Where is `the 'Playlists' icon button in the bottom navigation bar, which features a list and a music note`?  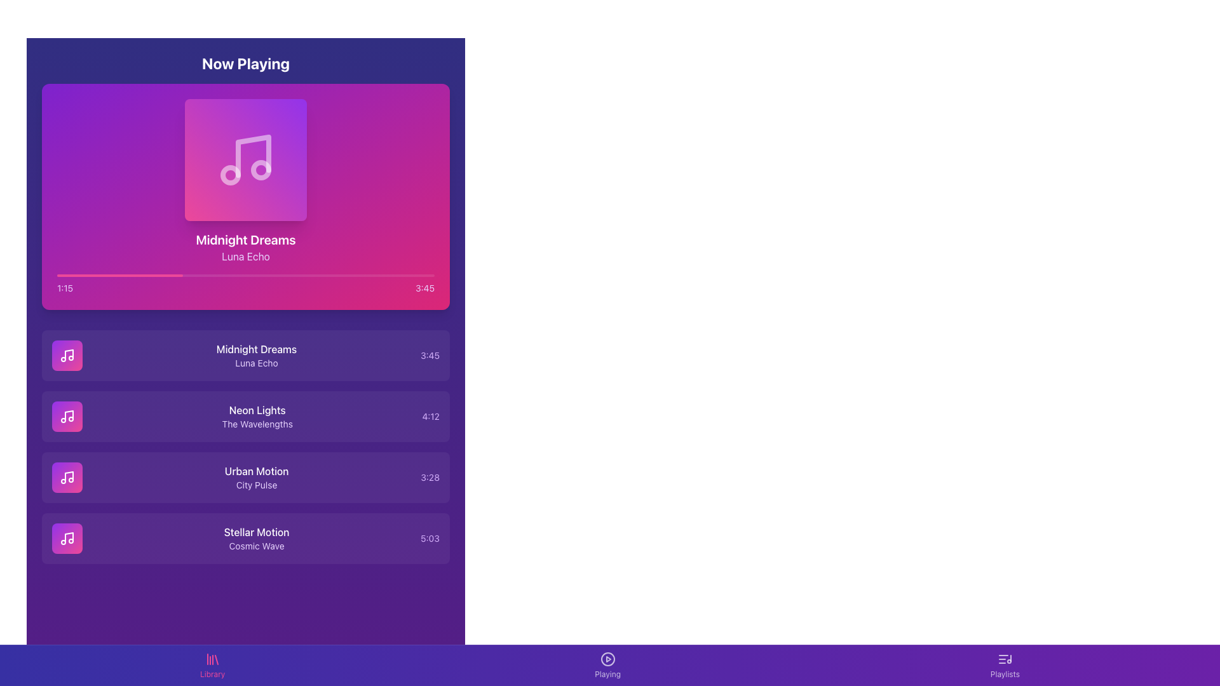
the 'Playlists' icon button in the bottom navigation bar, which features a list and a music note is located at coordinates (1004, 658).